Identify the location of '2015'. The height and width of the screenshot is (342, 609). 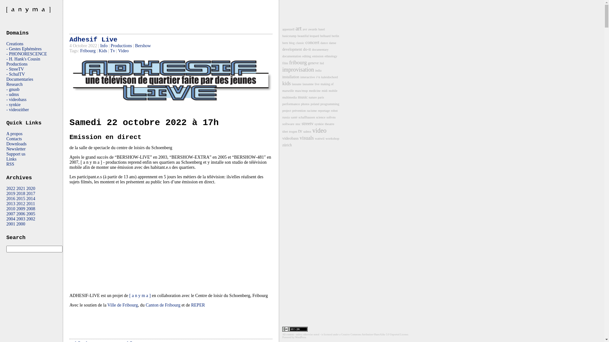
(21, 198).